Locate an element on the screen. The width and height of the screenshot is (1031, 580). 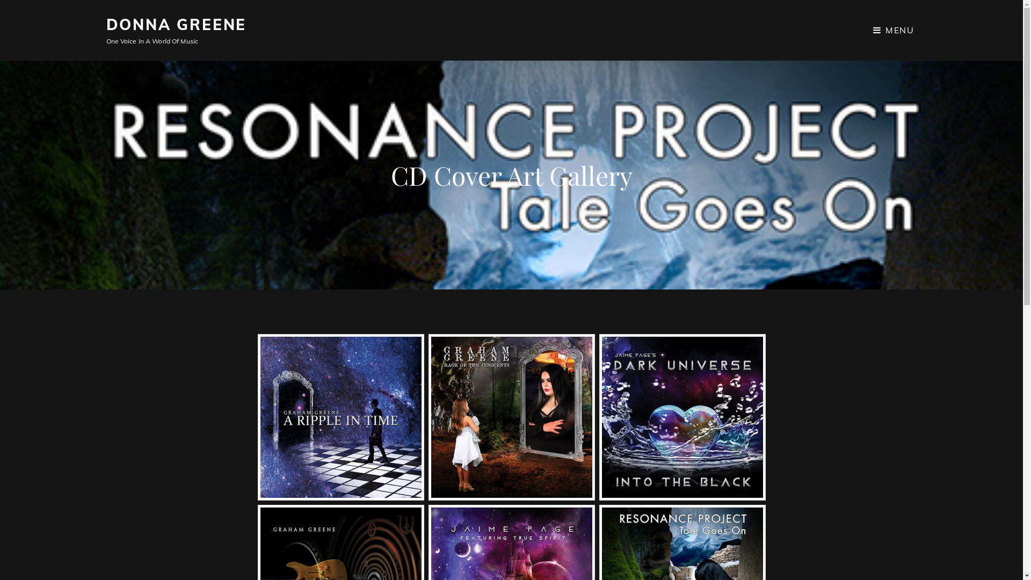
'DONNA GREENE' is located at coordinates (177, 24).